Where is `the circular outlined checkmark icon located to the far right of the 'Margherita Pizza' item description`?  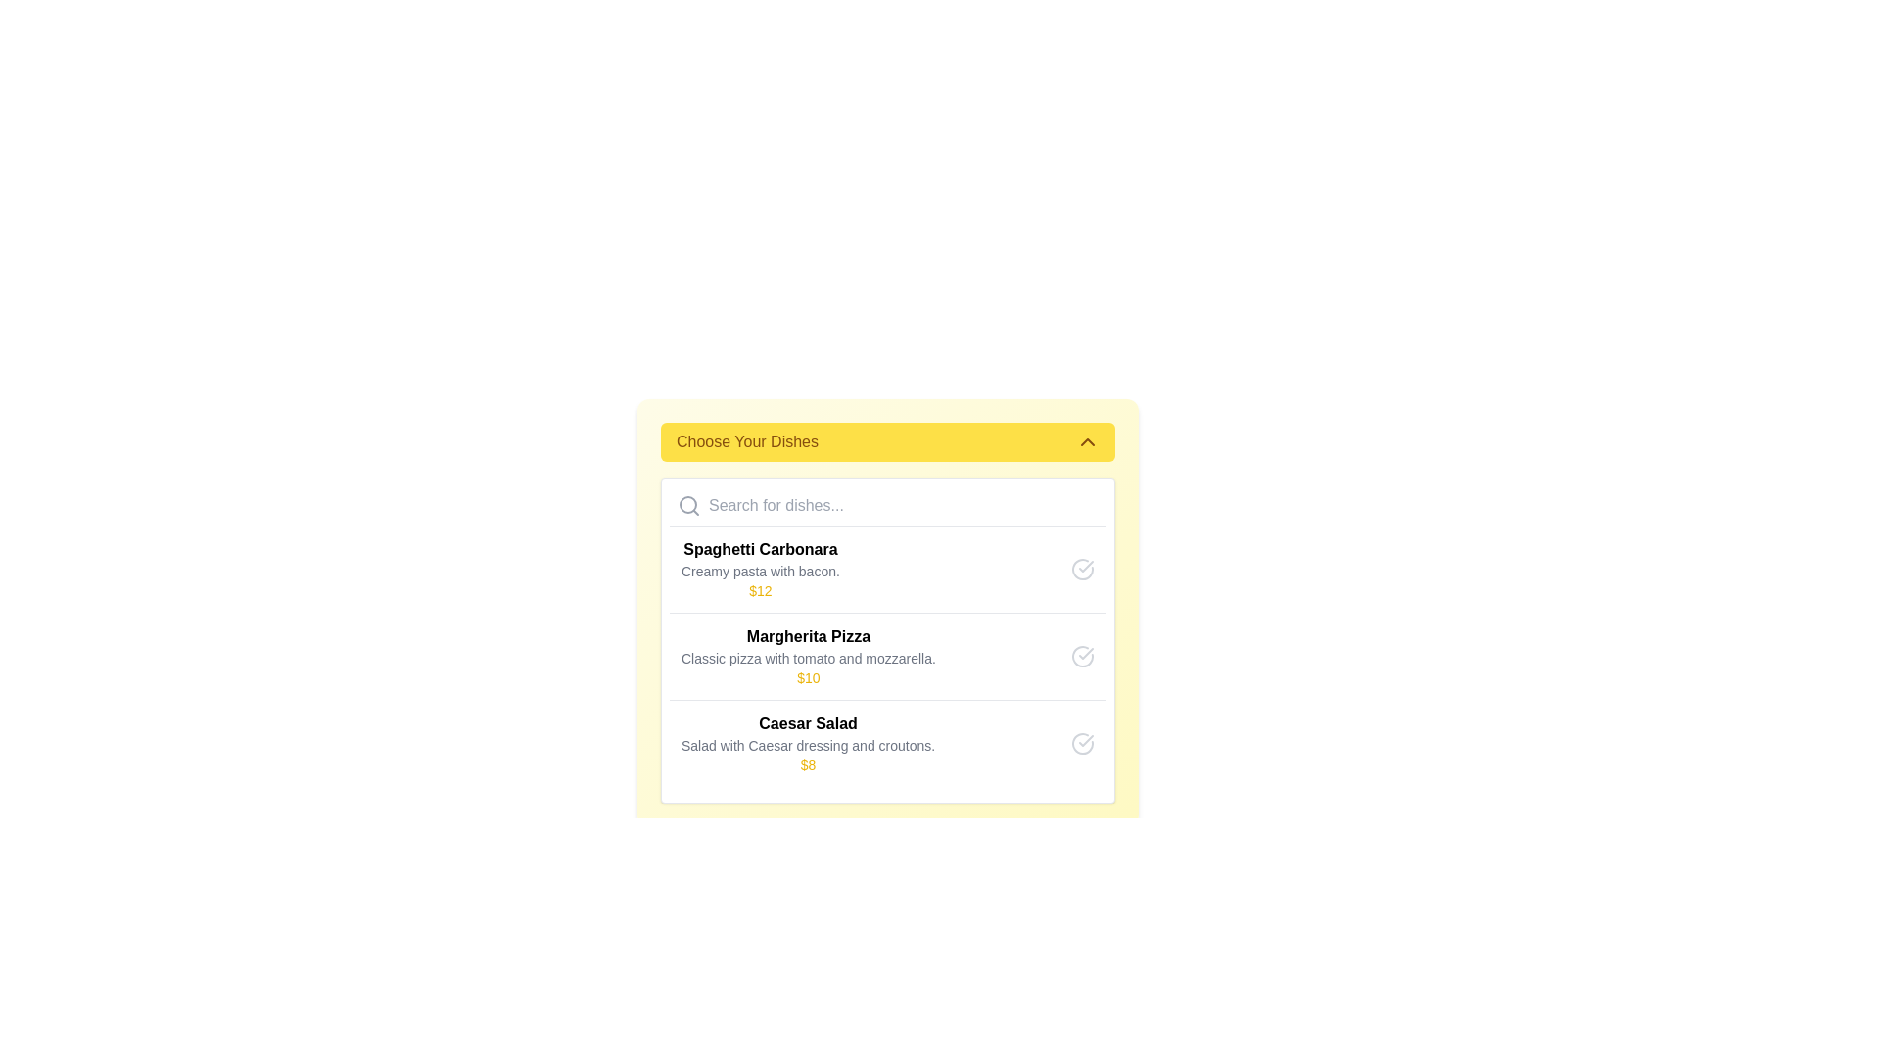 the circular outlined checkmark icon located to the far right of the 'Margherita Pizza' item description is located at coordinates (1081, 657).